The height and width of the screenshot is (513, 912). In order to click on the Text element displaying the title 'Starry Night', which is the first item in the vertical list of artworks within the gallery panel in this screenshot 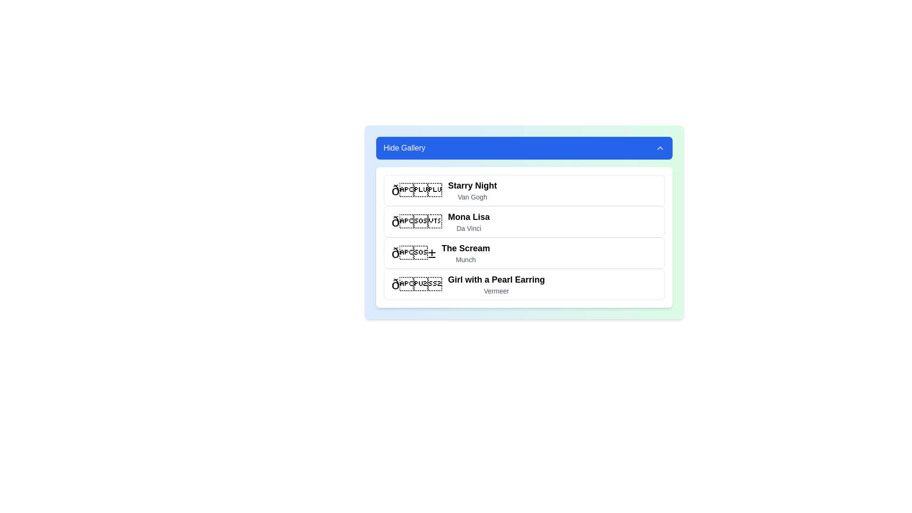, I will do `click(472, 185)`.